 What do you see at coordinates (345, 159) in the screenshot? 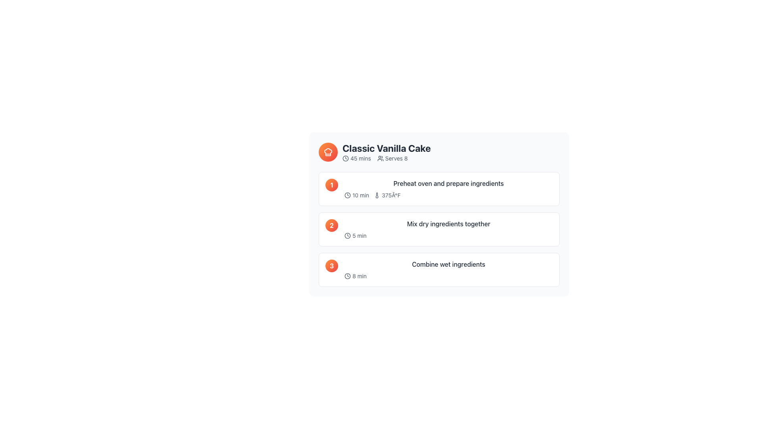
I see `clock icon located to the left of the text '45 mins' in the header section for its properties` at bounding box center [345, 159].